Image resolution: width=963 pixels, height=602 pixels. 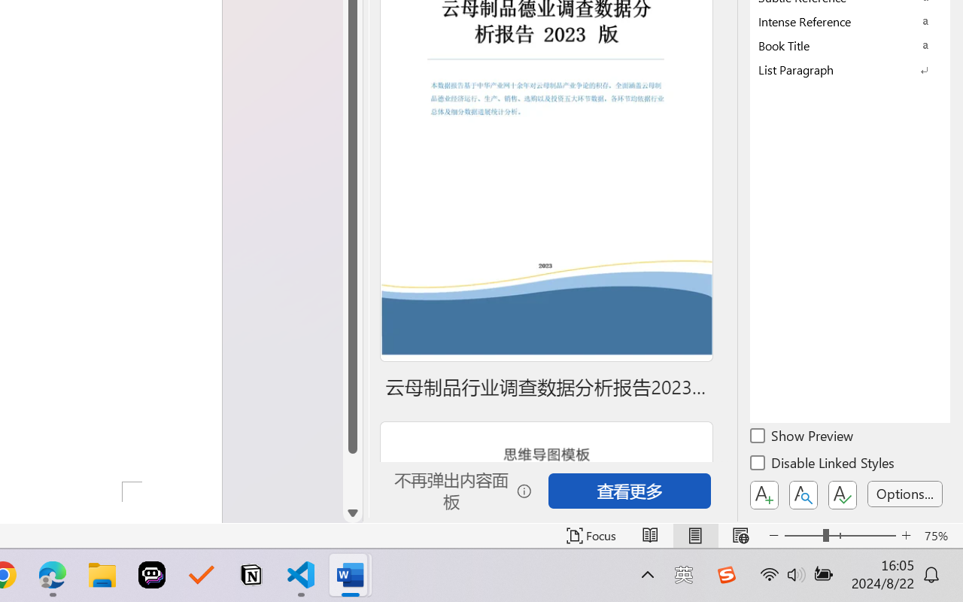 I want to click on 'Options...', so click(x=904, y=493).